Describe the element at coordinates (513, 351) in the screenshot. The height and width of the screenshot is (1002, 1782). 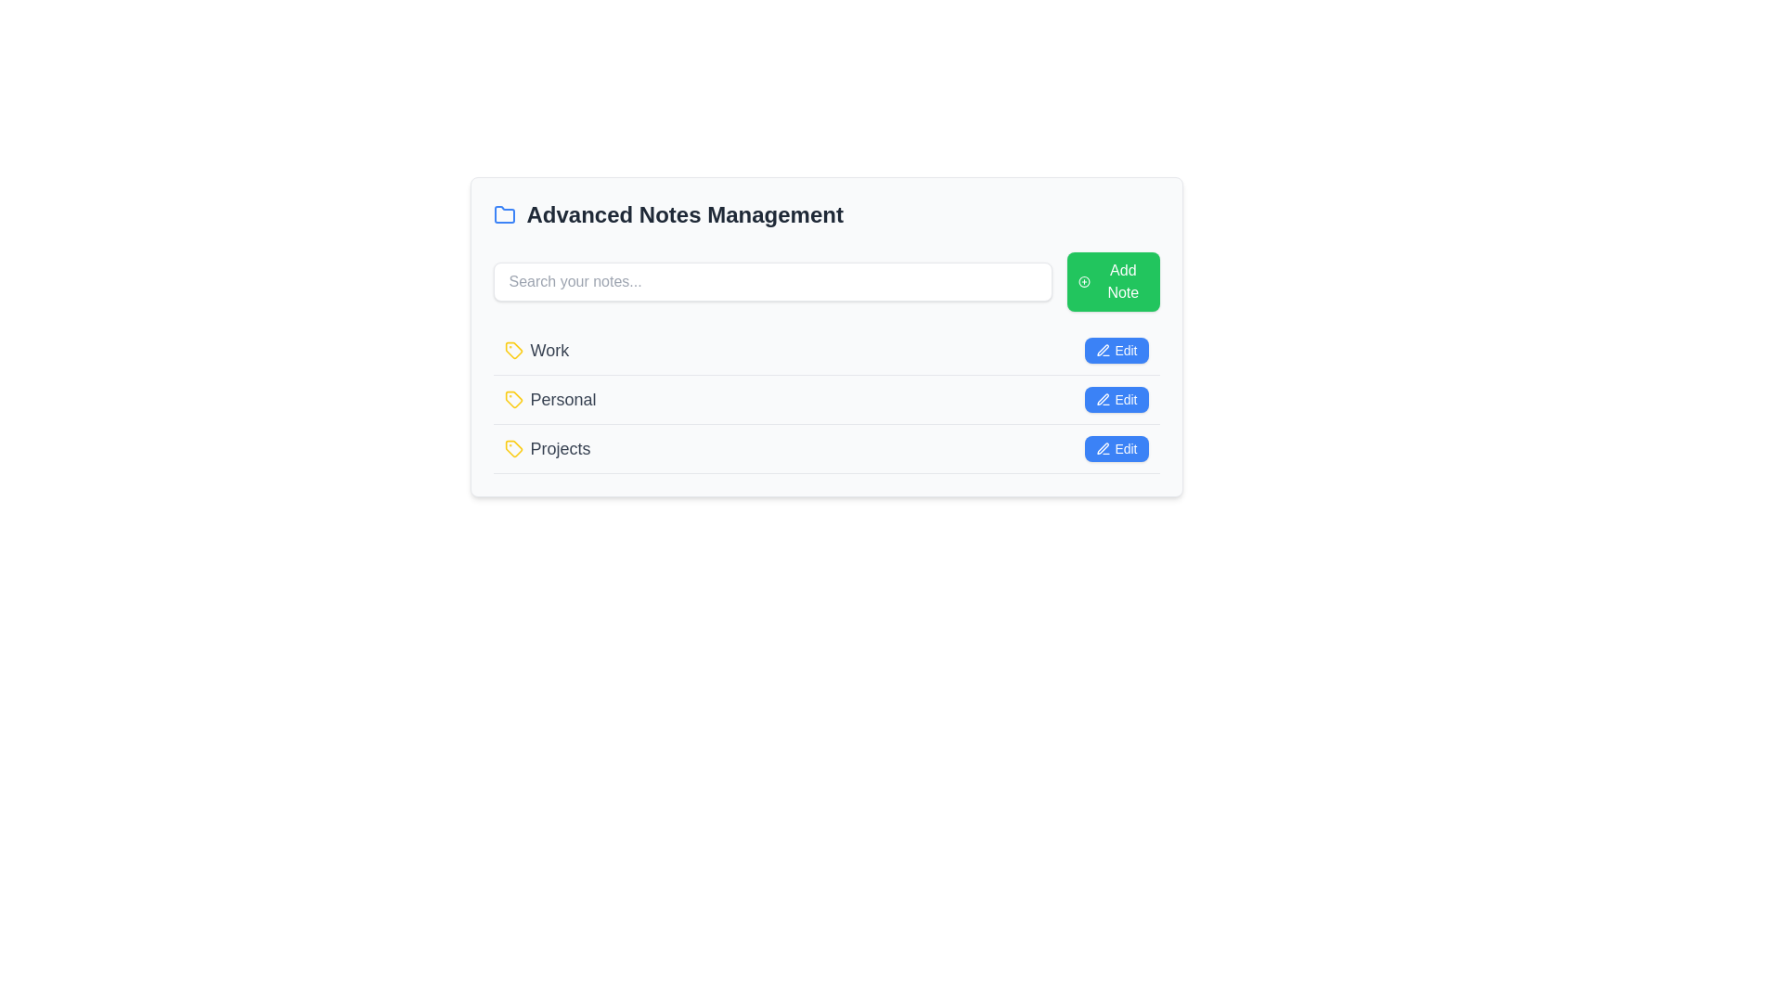
I see `the yellow tag icon associated with the 'Work' entry in the 'Advanced Notes Management' interface` at that location.